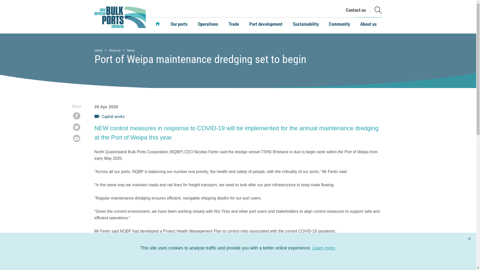  I want to click on 'About us', so click(368, 24).